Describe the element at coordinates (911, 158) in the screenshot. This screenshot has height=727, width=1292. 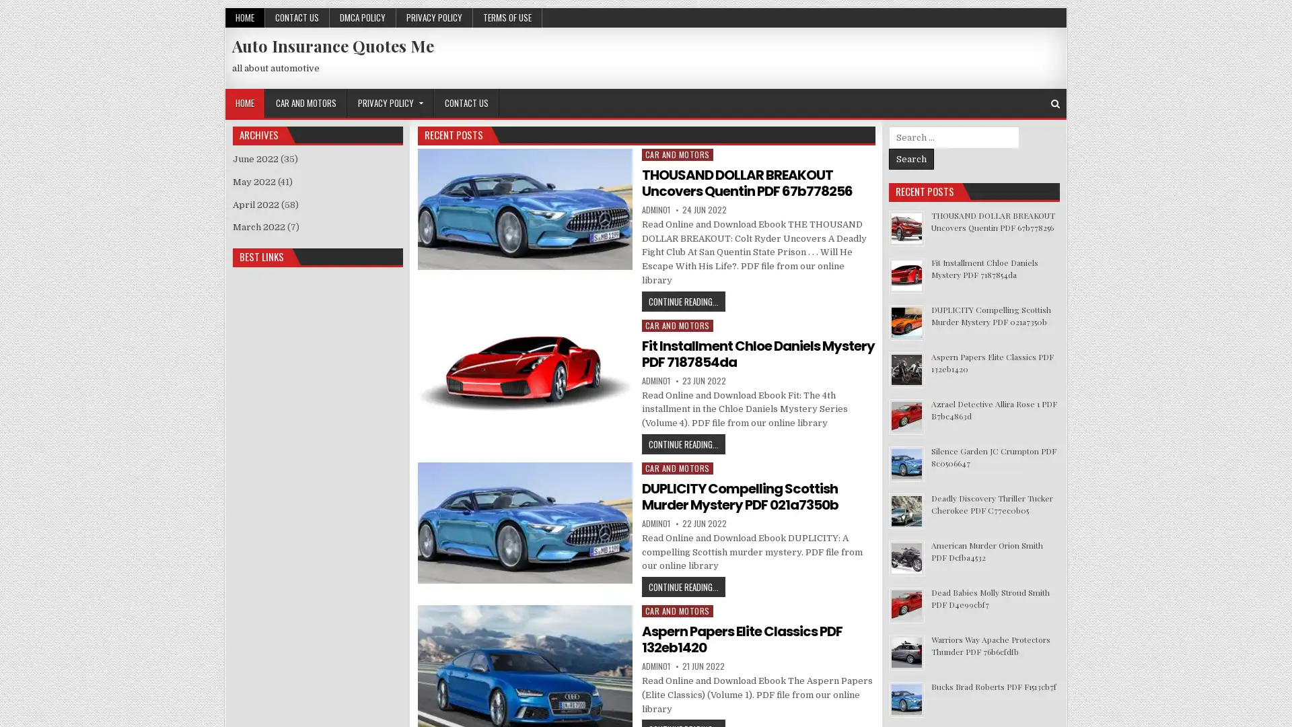
I see `Search` at that location.